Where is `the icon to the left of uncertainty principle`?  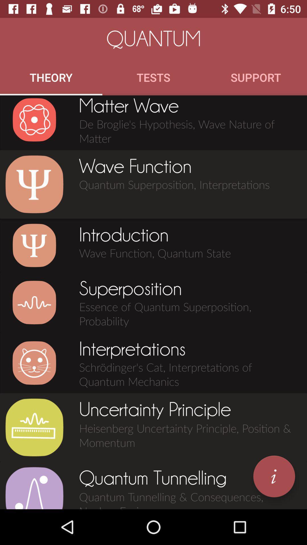 the icon to the left of uncertainty principle is located at coordinates (34, 427).